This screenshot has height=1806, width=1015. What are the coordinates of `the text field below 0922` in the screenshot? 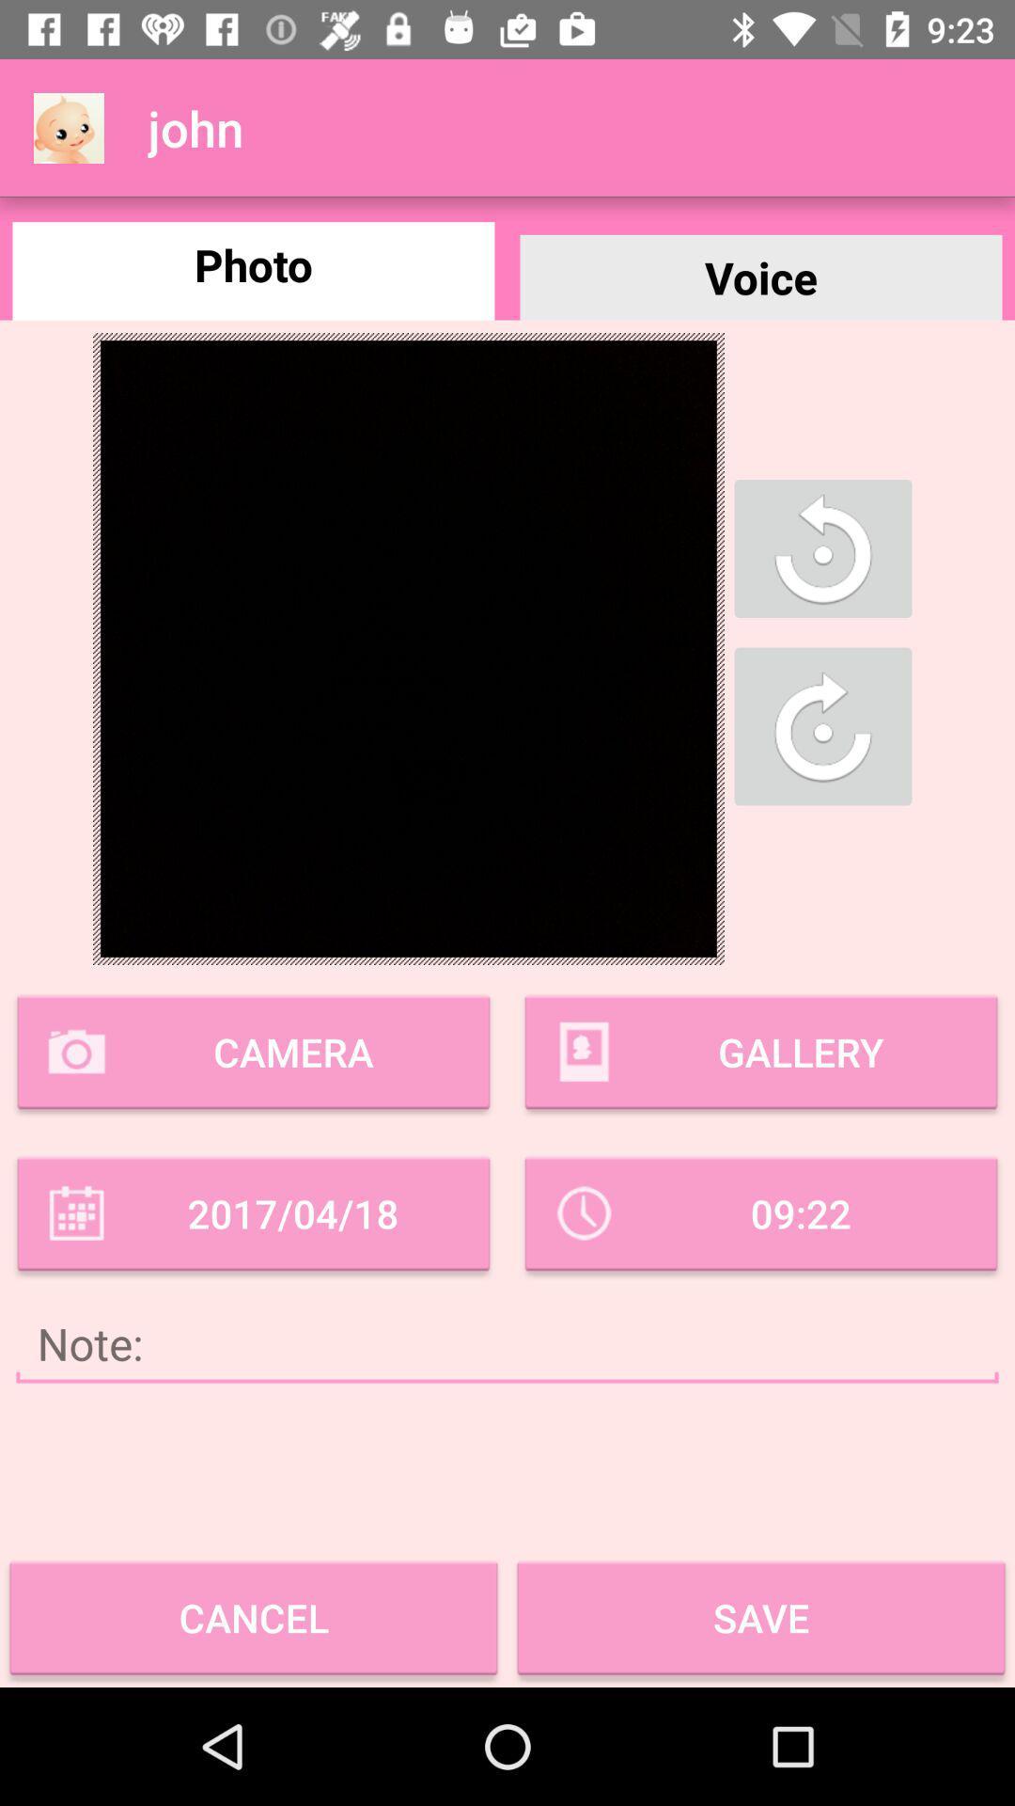 It's located at (507, 1343).